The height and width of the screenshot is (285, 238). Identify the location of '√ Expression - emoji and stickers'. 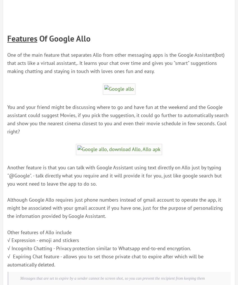
(43, 240).